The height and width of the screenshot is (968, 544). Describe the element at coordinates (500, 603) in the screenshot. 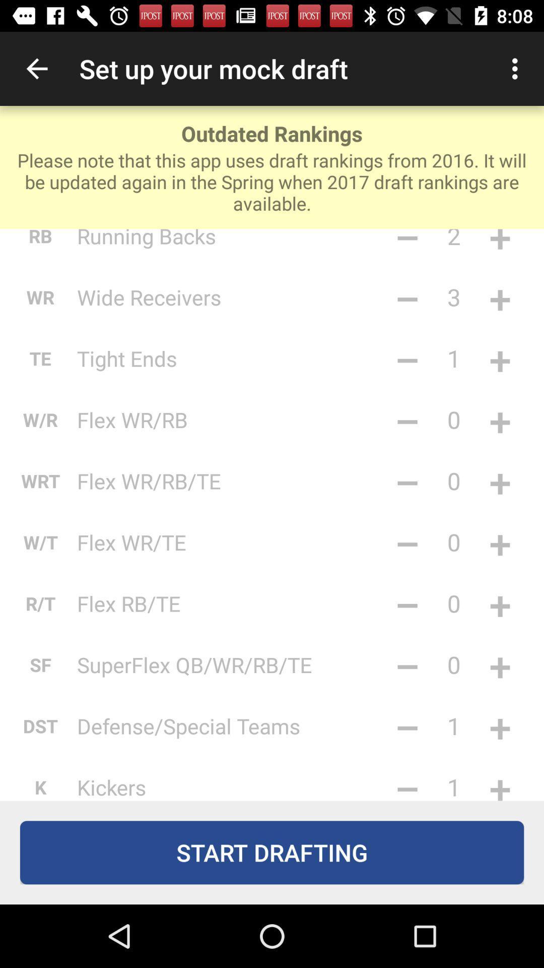

I see `the icon below the +` at that location.